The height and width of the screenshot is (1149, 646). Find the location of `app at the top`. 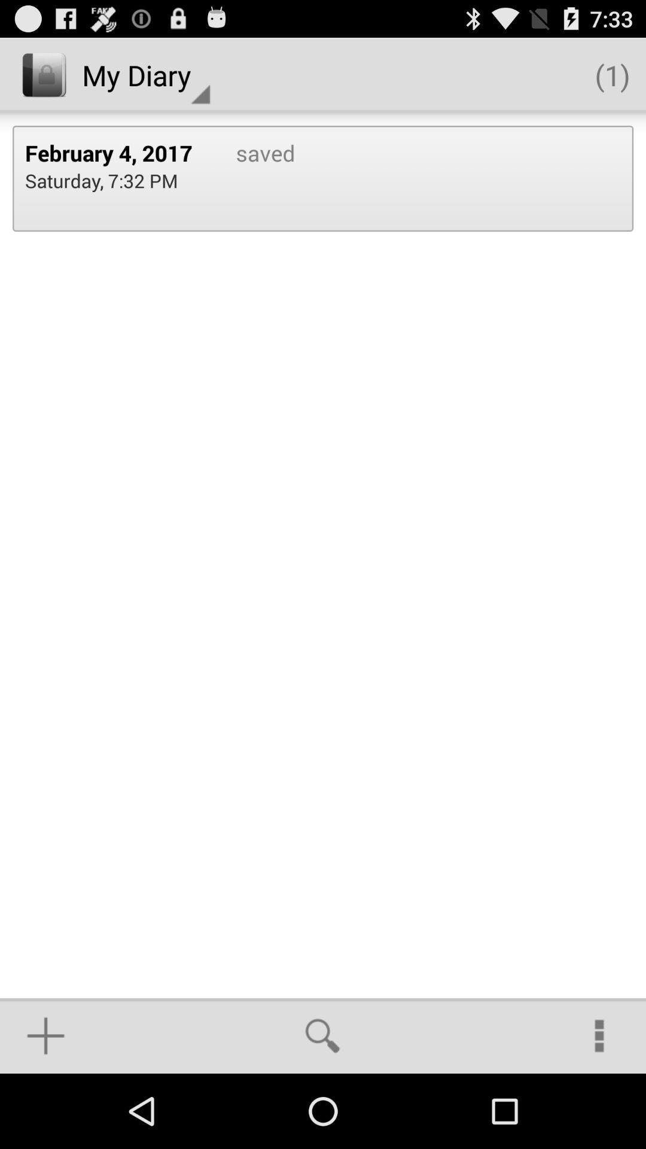

app at the top is located at coordinates (252, 178).